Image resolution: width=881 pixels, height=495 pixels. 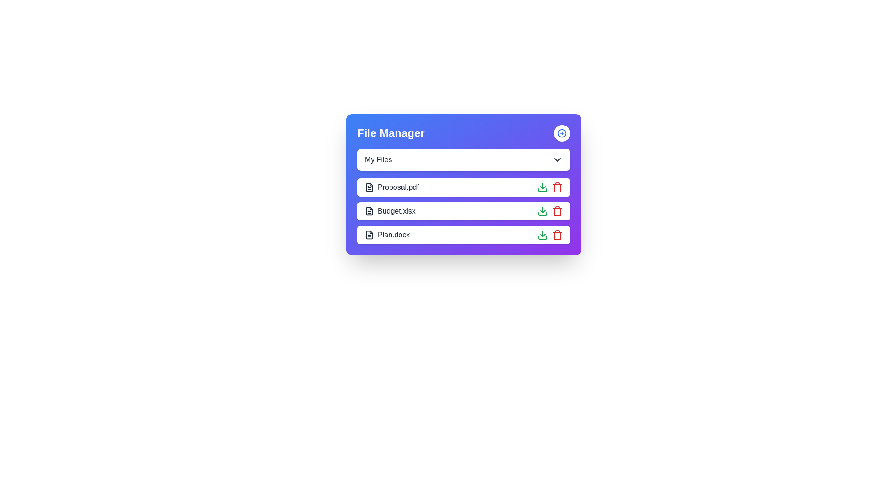 What do you see at coordinates (369, 187) in the screenshot?
I see `the document icon located in the first row of the interface, next to the 'Proposal.pdf' text label` at bounding box center [369, 187].